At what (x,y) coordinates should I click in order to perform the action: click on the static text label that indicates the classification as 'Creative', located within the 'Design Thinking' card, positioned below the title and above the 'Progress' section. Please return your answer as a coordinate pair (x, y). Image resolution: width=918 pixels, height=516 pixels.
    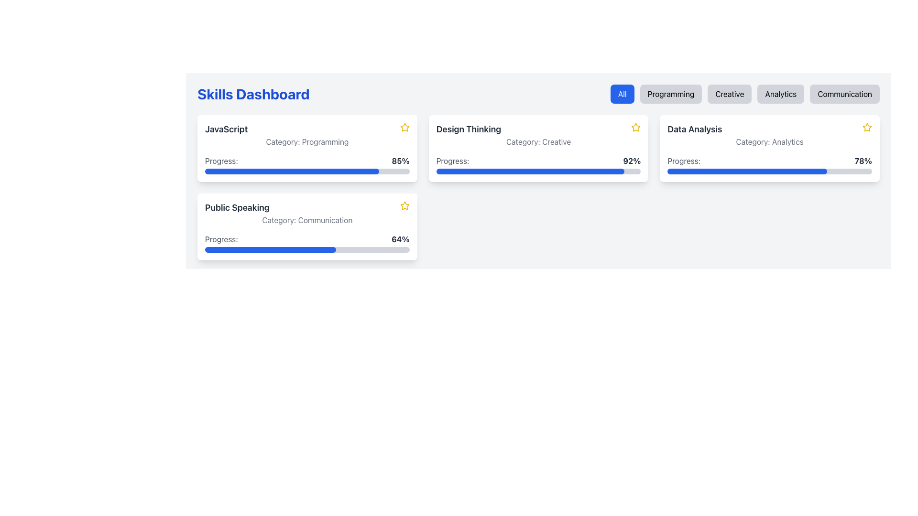
    Looking at the image, I should click on (538, 142).